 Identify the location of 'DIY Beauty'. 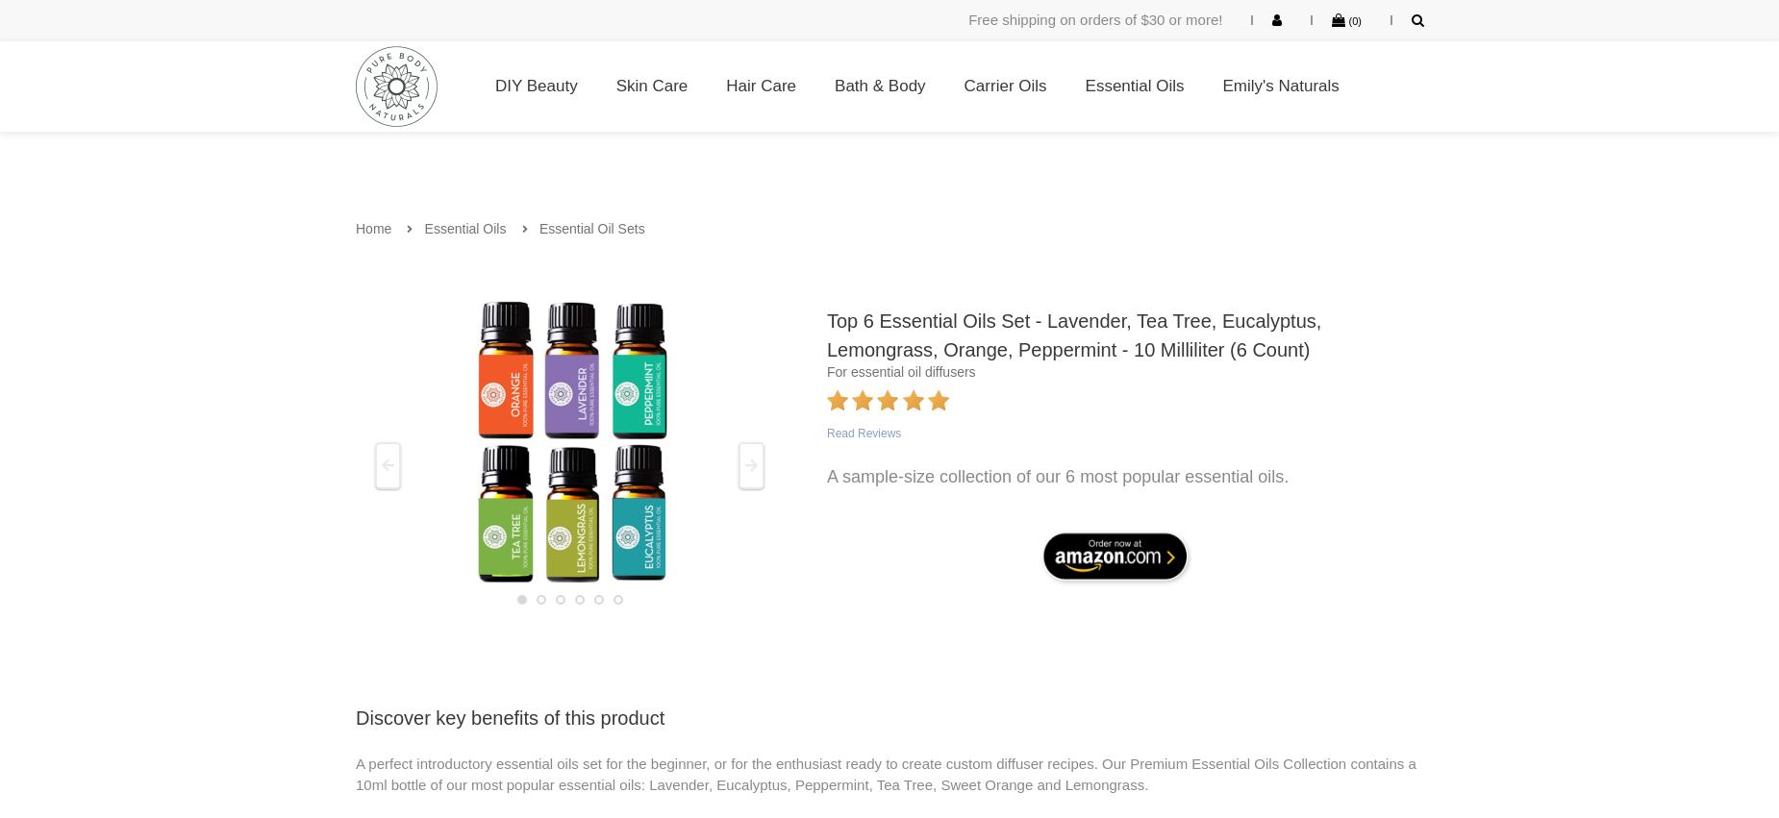
(536, 84).